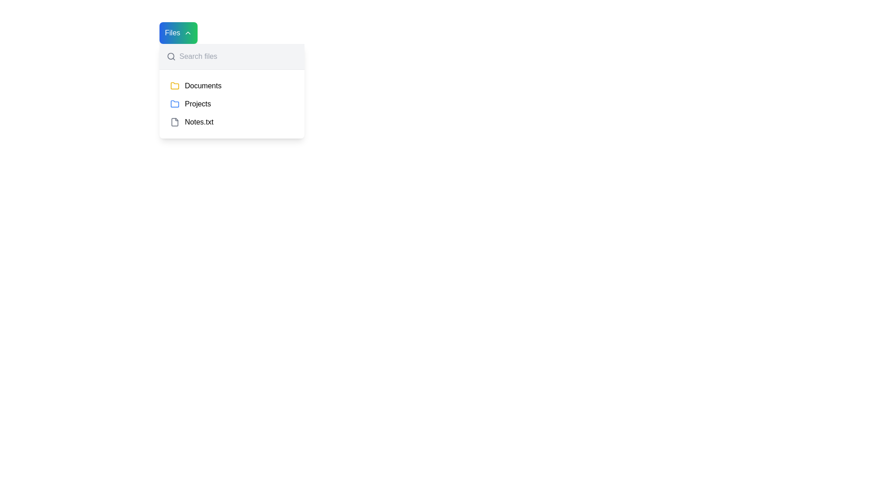  Describe the element at coordinates (174, 86) in the screenshot. I see `the folder icon located to the right of the 'Documents' label in the file menu, which is the first icon under the menu structure` at that location.